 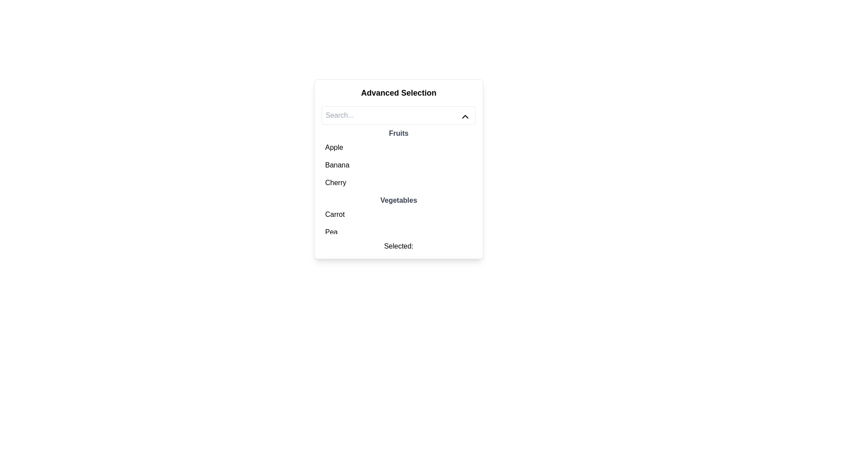 I want to click on the 'Vegetables' label in the selection menu, which is styled in gray with bold font and serves as a category header, so click(x=398, y=201).